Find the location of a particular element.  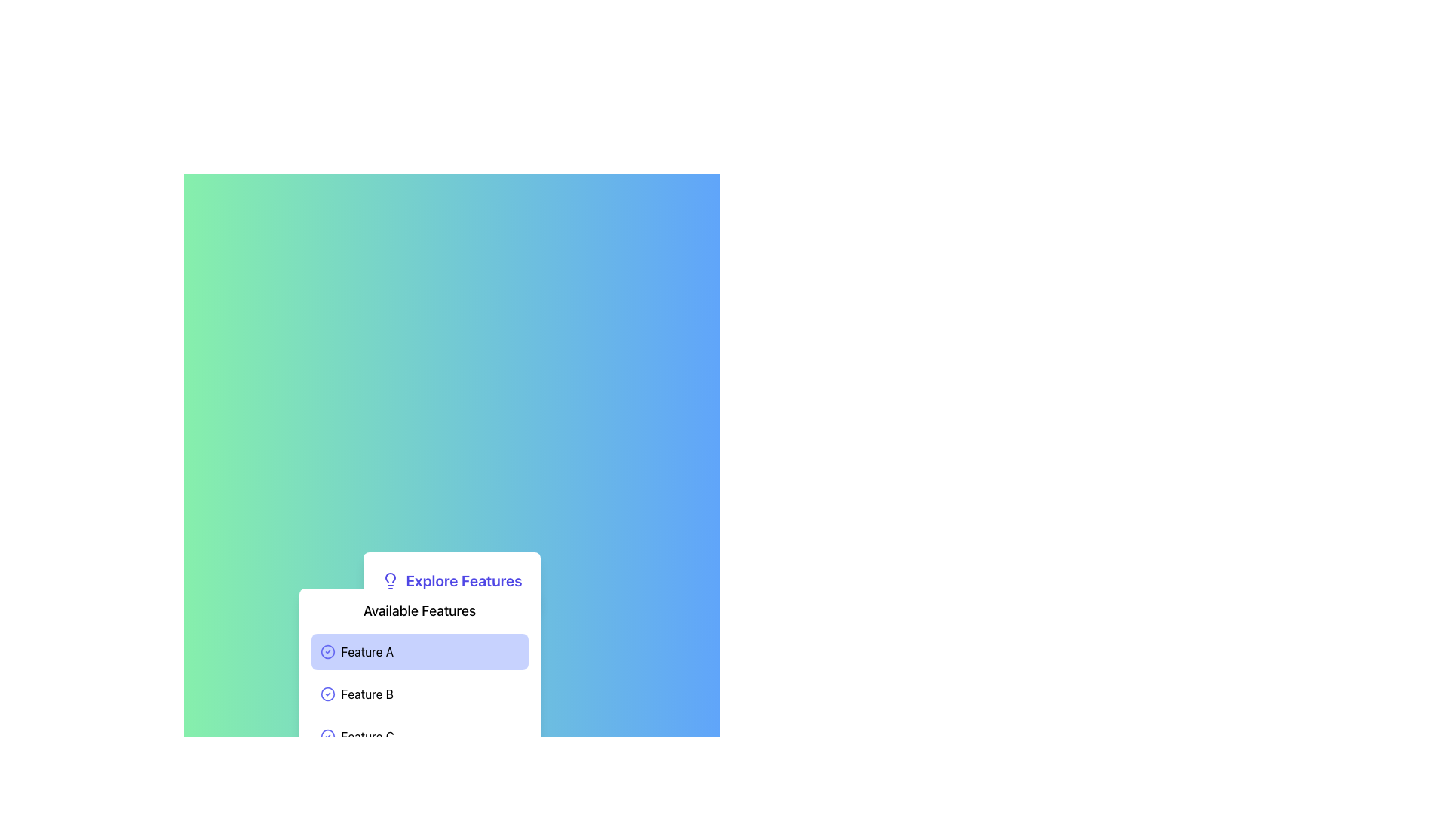

the indicator icon for 'Feature A' to use it as an indicator for the list item is located at coordinates (327, 651).